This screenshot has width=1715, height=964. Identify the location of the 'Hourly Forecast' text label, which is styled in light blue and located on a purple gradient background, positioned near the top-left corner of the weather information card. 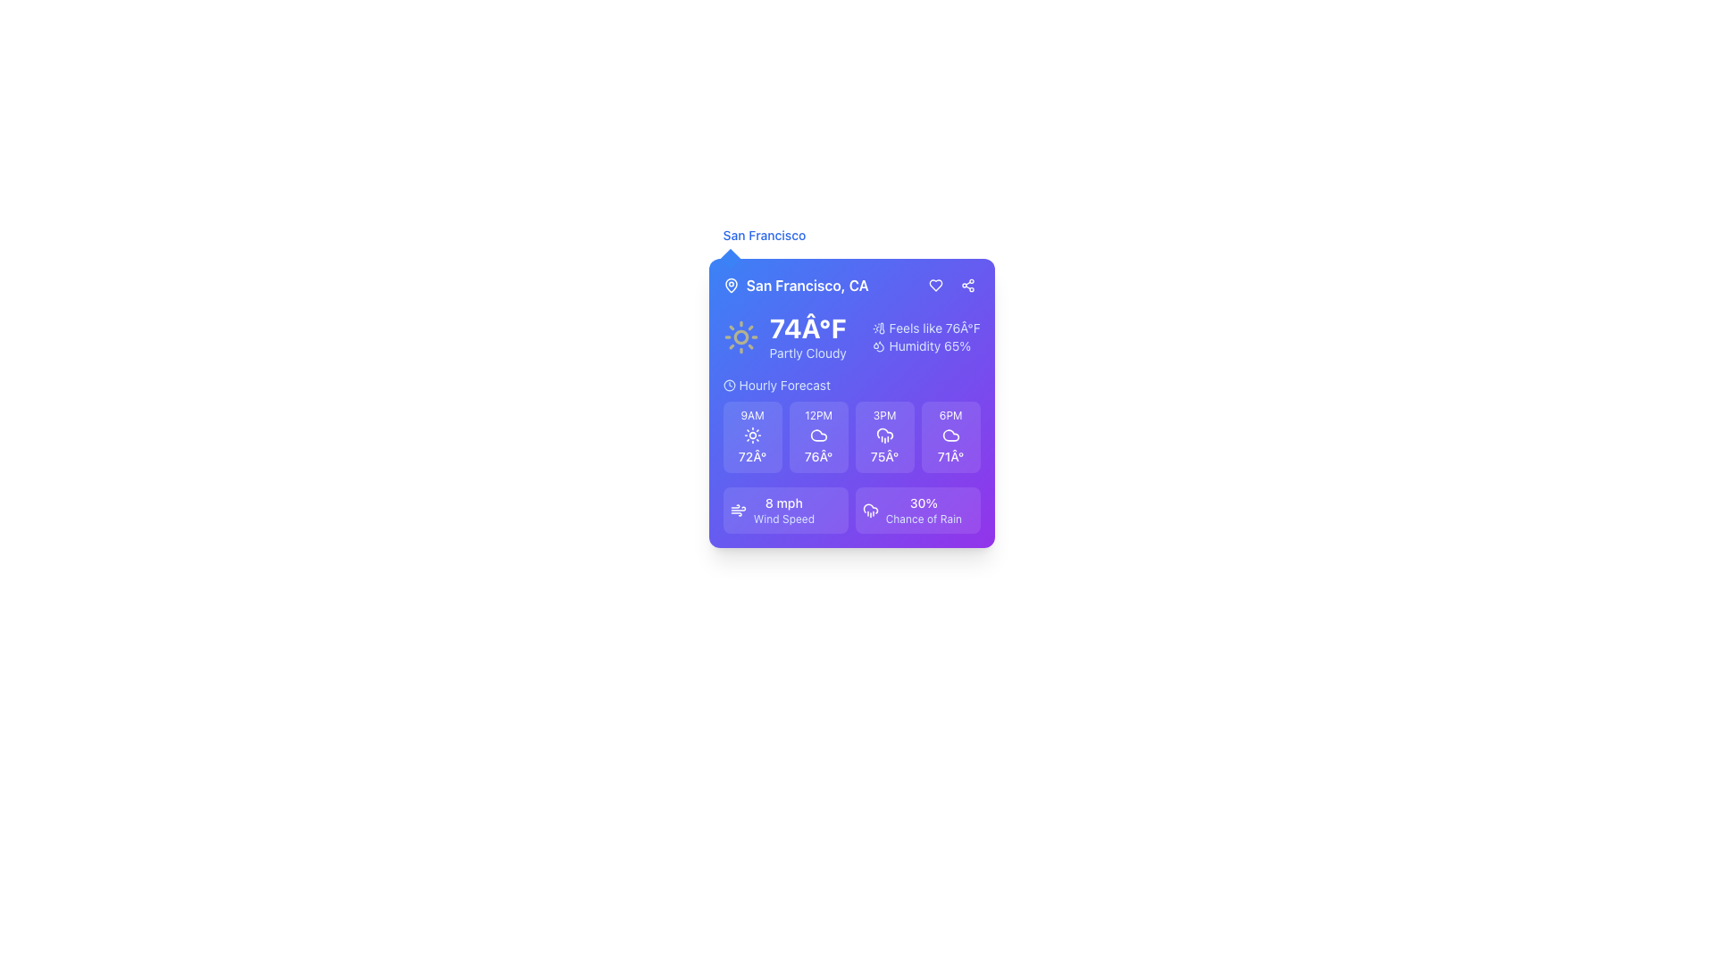
(784, 385).